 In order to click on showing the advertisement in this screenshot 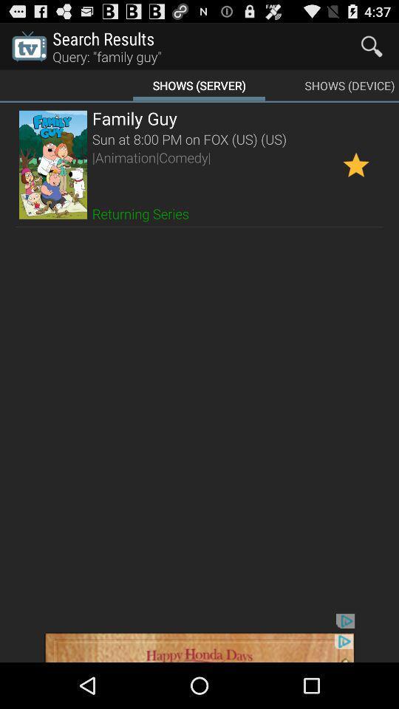, I will do `click(199, 637)`.